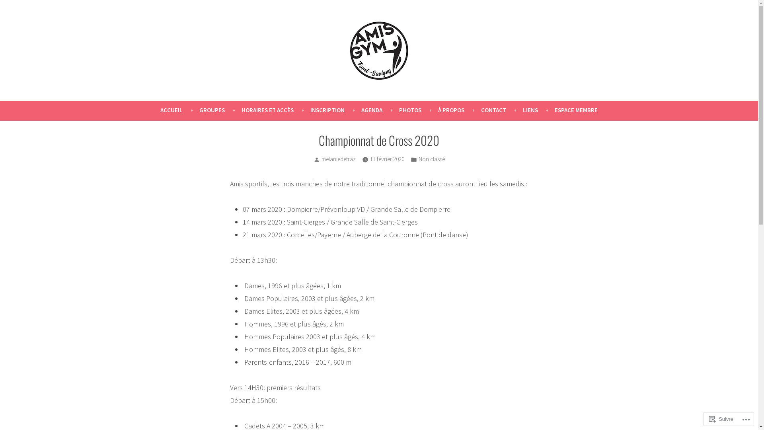 This screenshot has width=764, height=430. Describe the element at coordinates (501, 110) in the screenshot. I see `'CONTACT'` at that location.